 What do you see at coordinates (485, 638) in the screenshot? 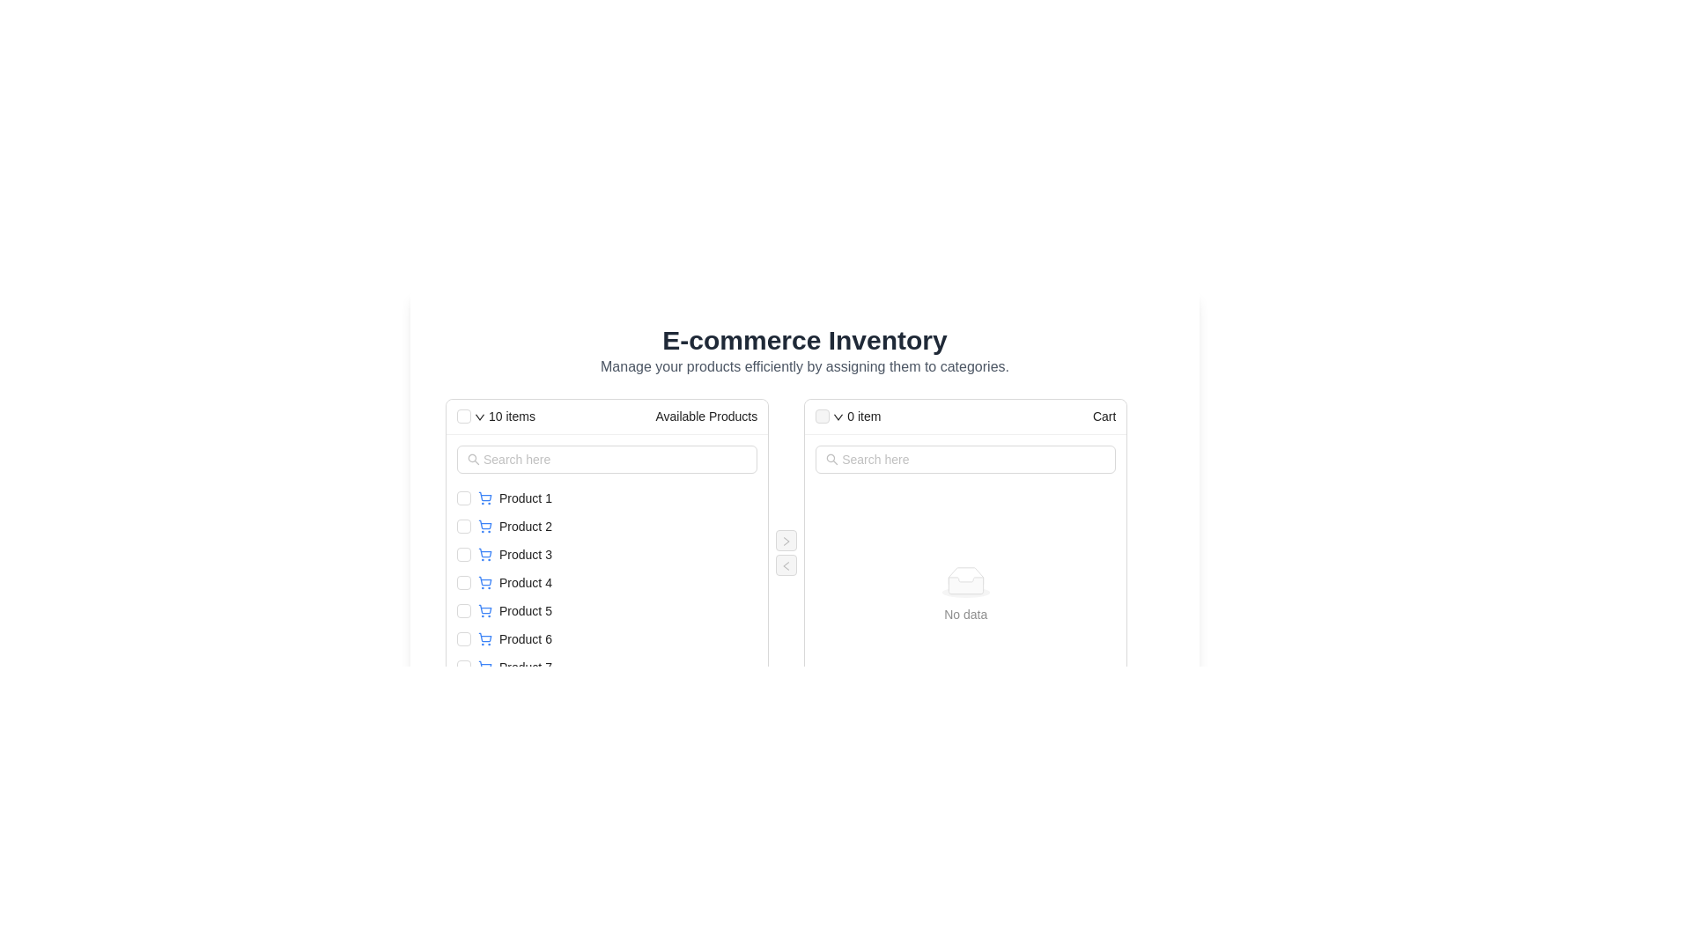
I see `the shopping cart icon associated with 'Product 6', which is positioned to the left of the product label` at bounding box center [485, 638].